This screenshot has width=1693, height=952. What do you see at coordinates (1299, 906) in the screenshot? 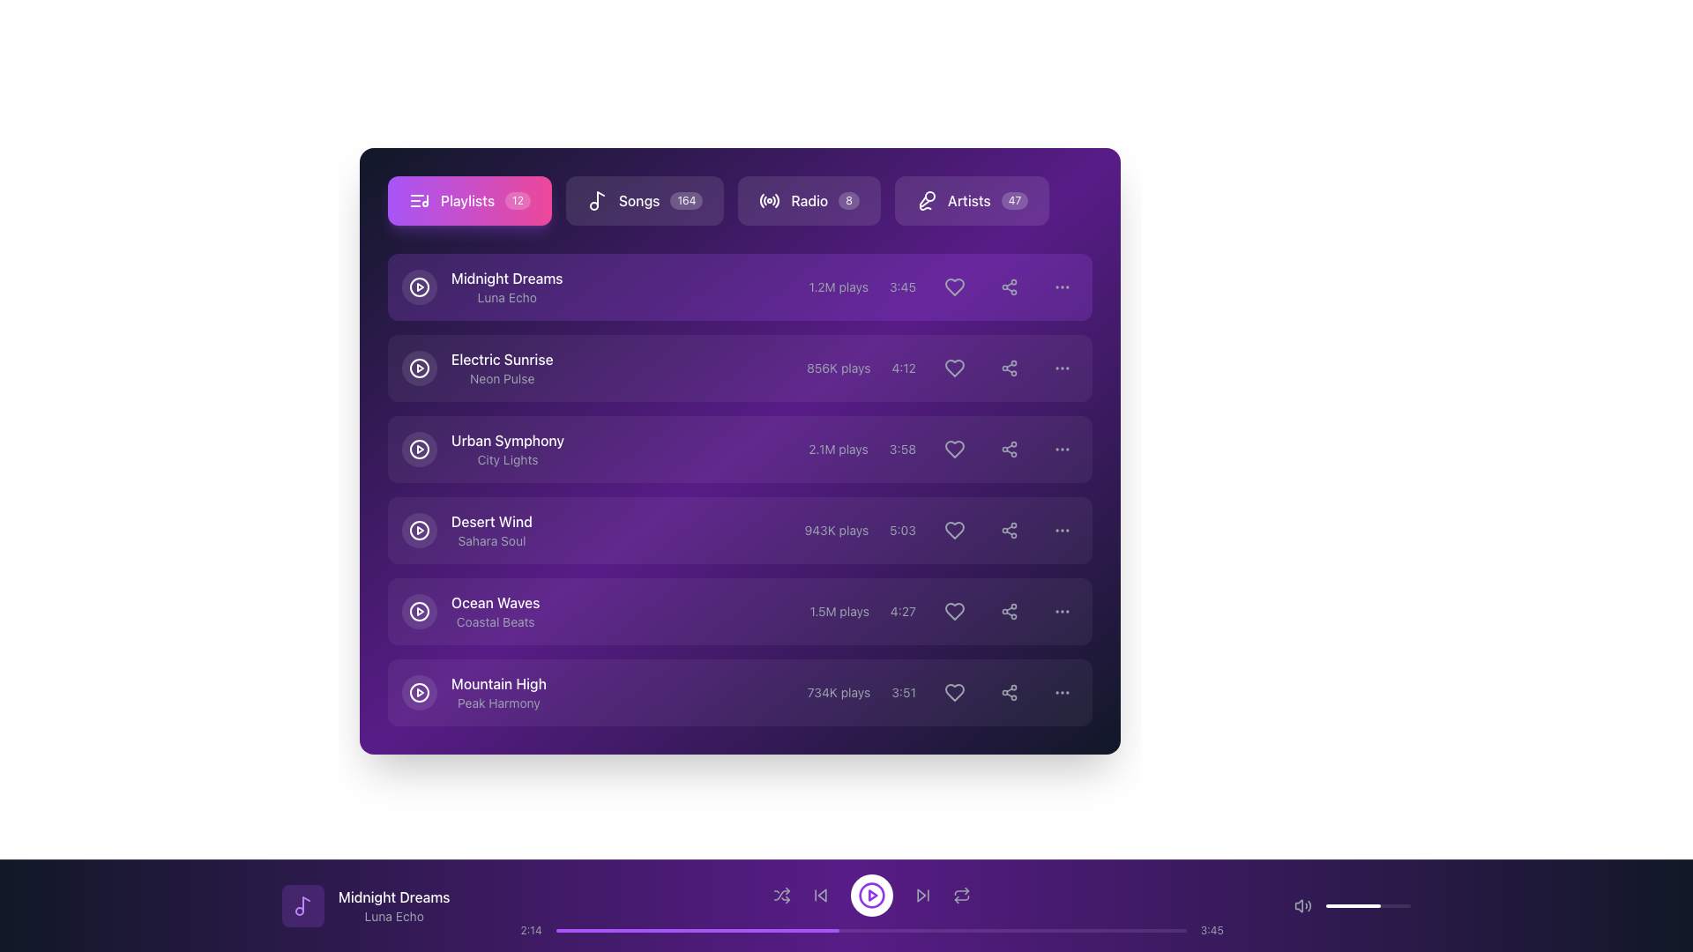
I see `the leftmost segment of the audio volume control icon, which resembles a speaker or volume symbol, located in the bottom-right section of the interface above the media playback control bar` at bounding box center [1299, 906].